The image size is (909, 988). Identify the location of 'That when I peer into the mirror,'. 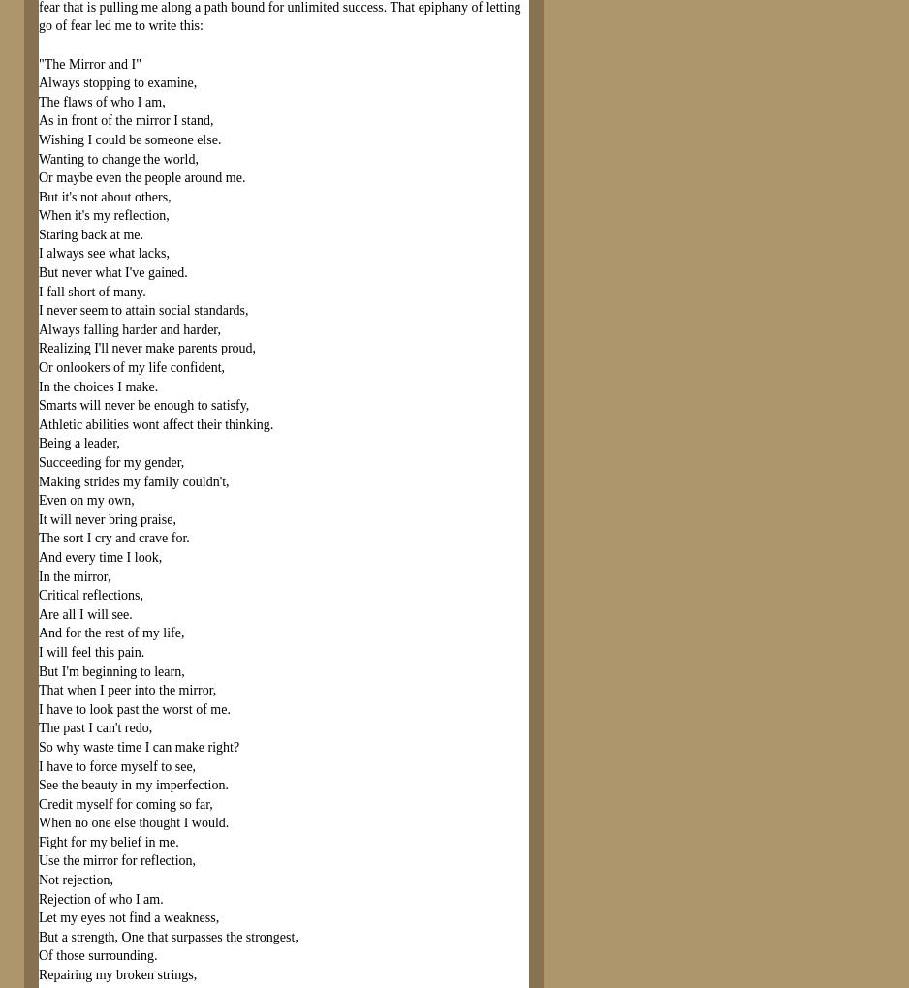
(126, 689).